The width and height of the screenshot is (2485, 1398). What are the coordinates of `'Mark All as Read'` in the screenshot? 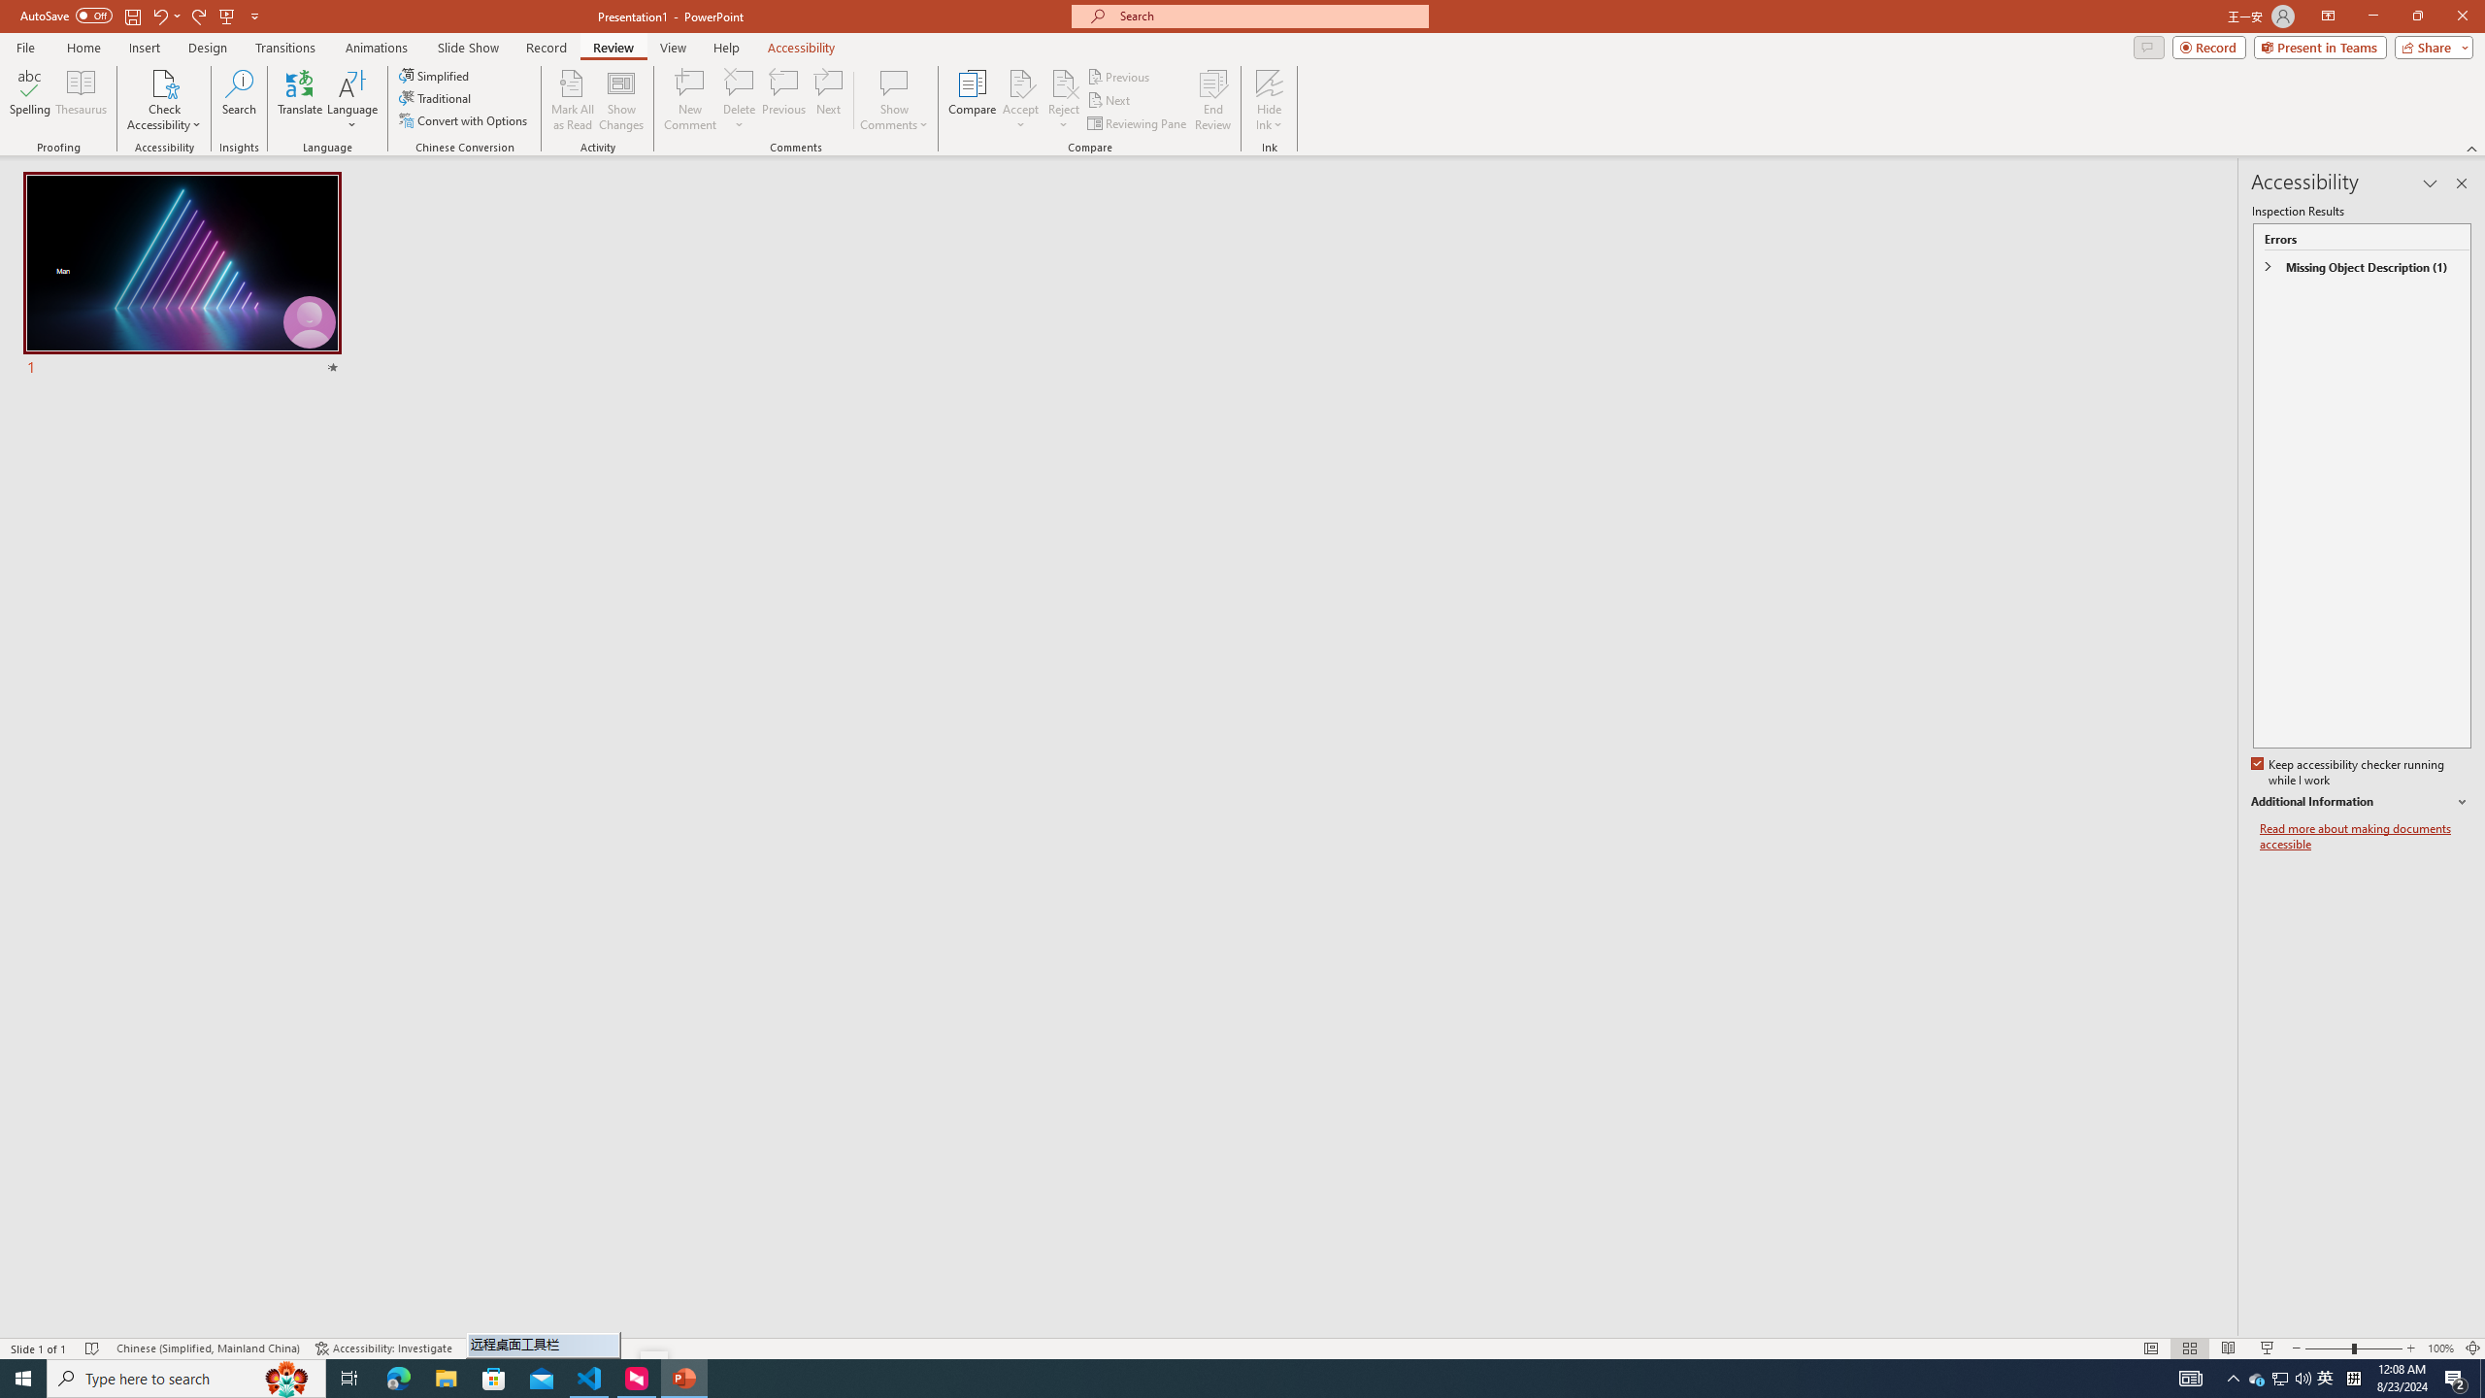 It's located at (573, 100).